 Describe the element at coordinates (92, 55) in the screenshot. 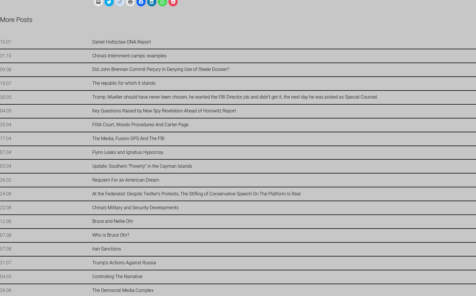

I see `'China’s Internment camps: examples'` at that location.